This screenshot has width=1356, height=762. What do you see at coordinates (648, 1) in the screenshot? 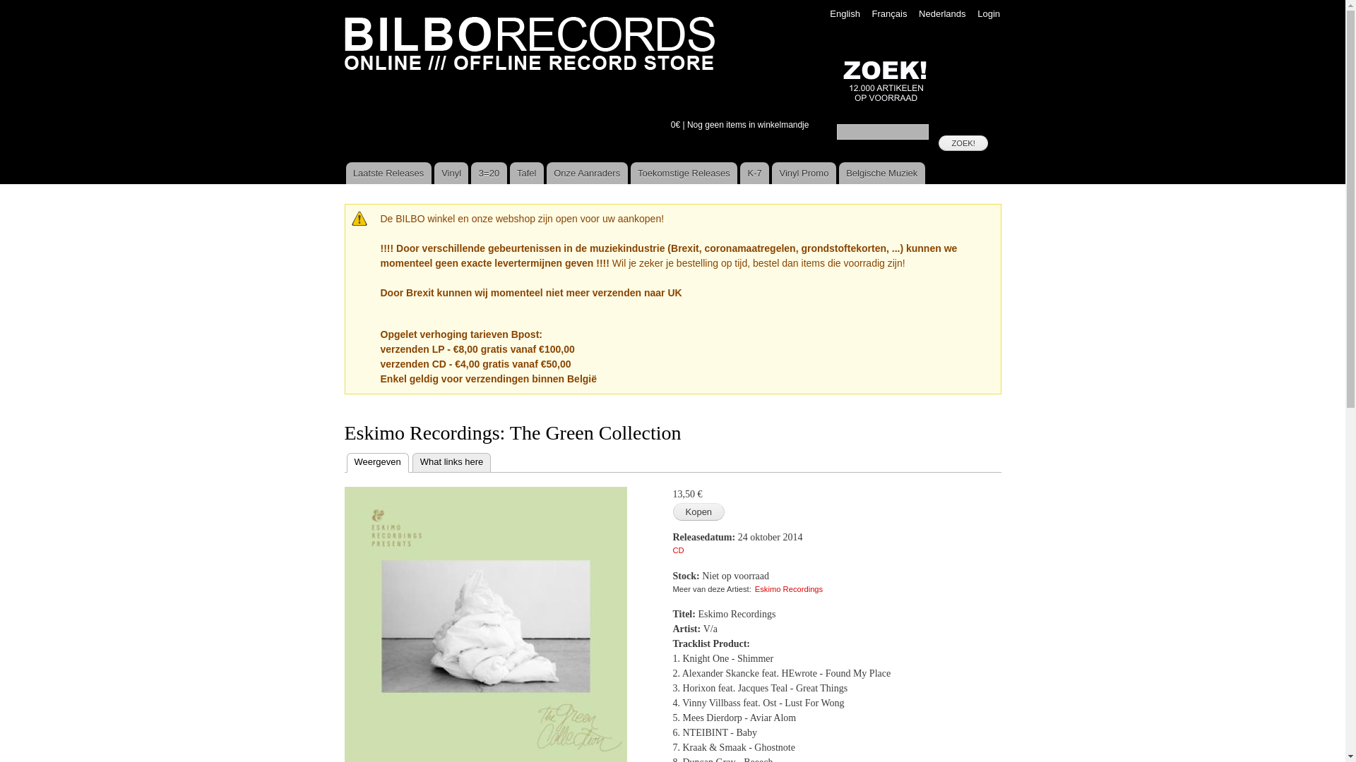
I see `'Overslaan en naar de algemene inhoud gaan'` at bounding box center [648, 1].